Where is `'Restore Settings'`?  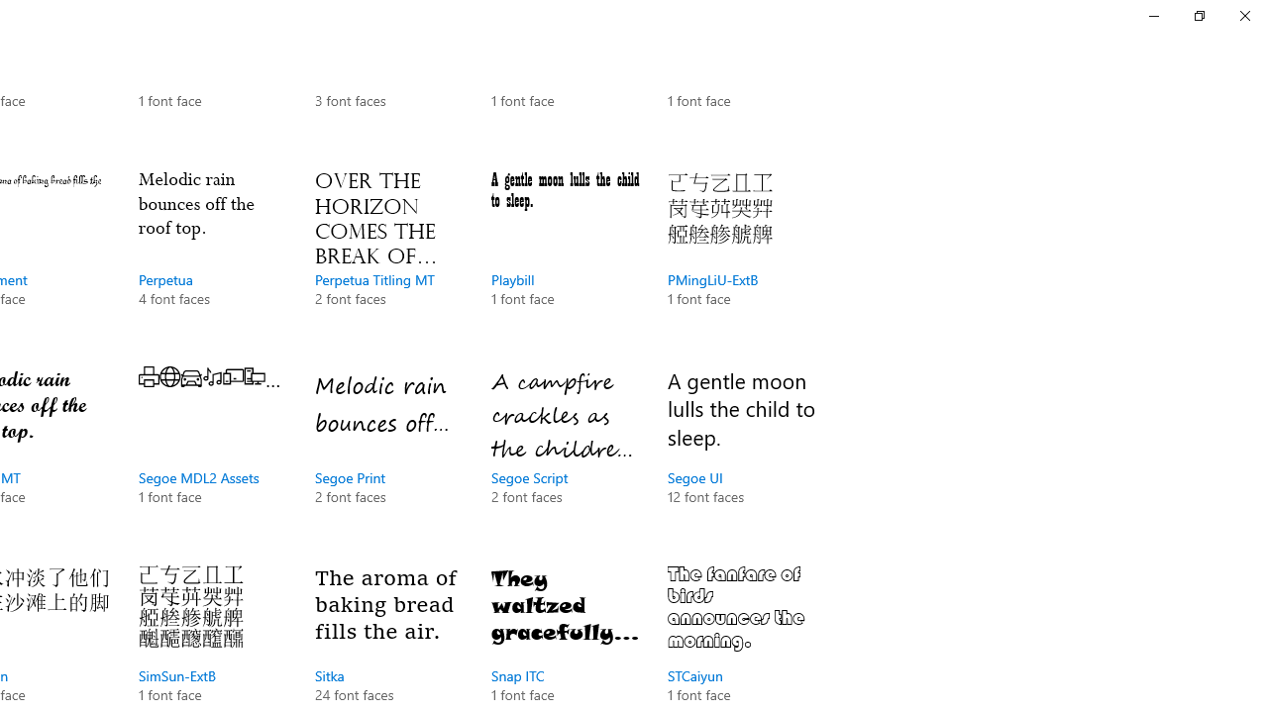 'Restore Settings' is located at coordinates (1198, 15).